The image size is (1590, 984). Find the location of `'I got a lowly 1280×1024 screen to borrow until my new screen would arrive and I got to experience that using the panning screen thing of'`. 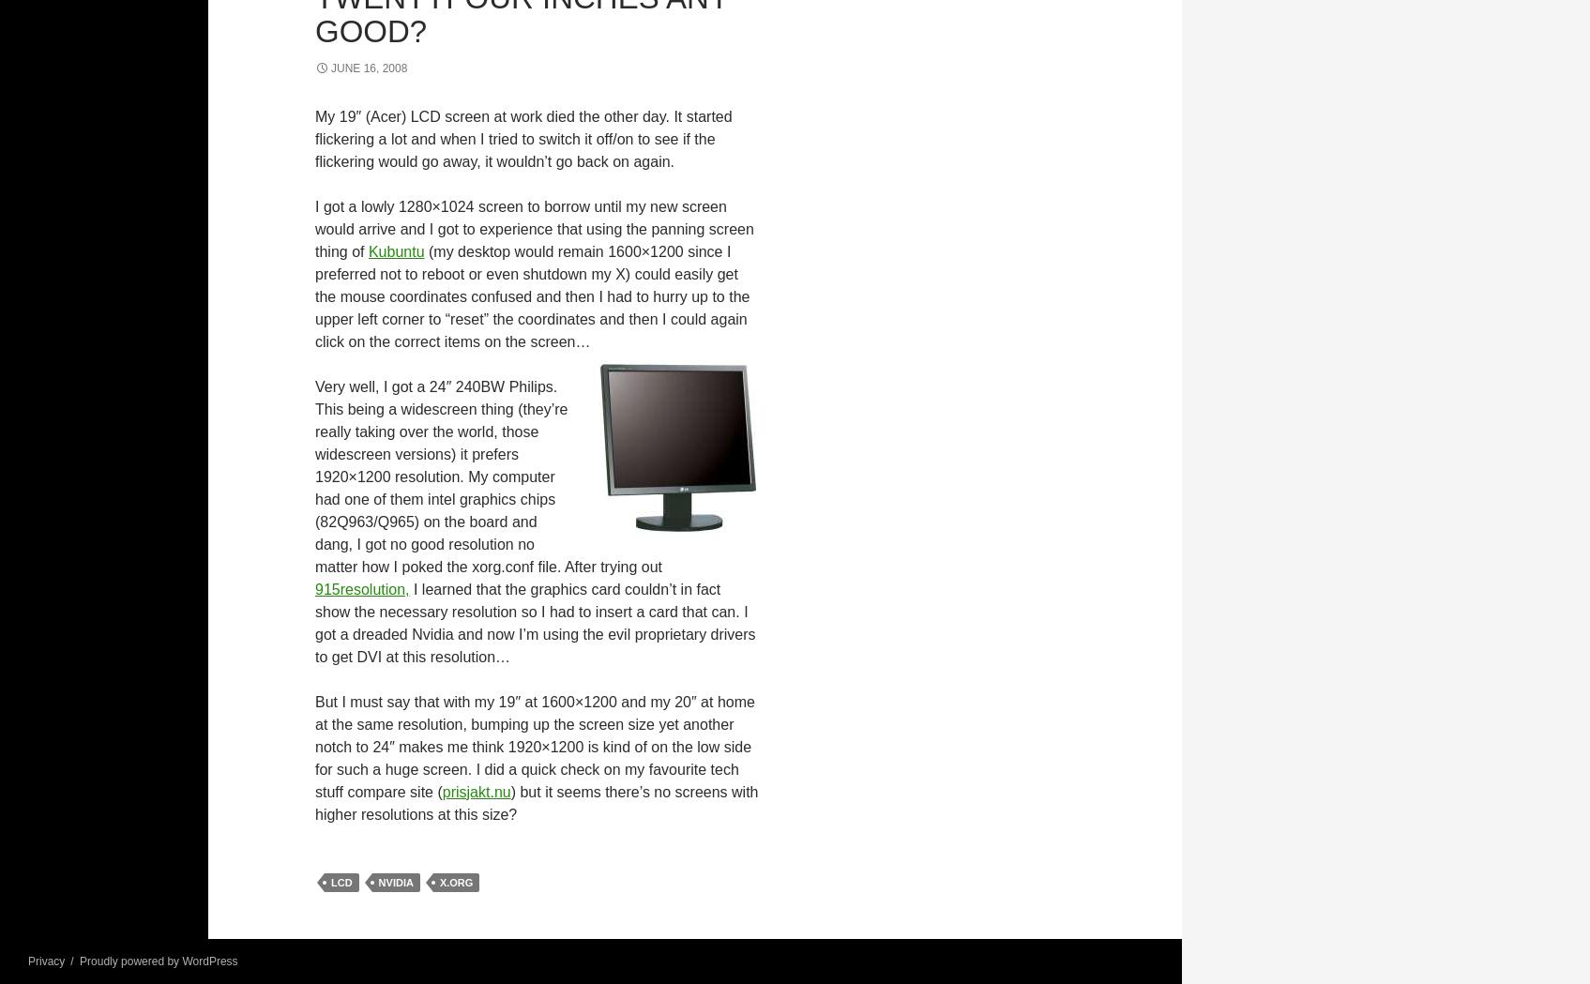

'I got a lowly 1280×1024 screen to borrow until my new screen would arrive and I got to experience that using the panning screen thing of' is located at coordinates (534, 227).